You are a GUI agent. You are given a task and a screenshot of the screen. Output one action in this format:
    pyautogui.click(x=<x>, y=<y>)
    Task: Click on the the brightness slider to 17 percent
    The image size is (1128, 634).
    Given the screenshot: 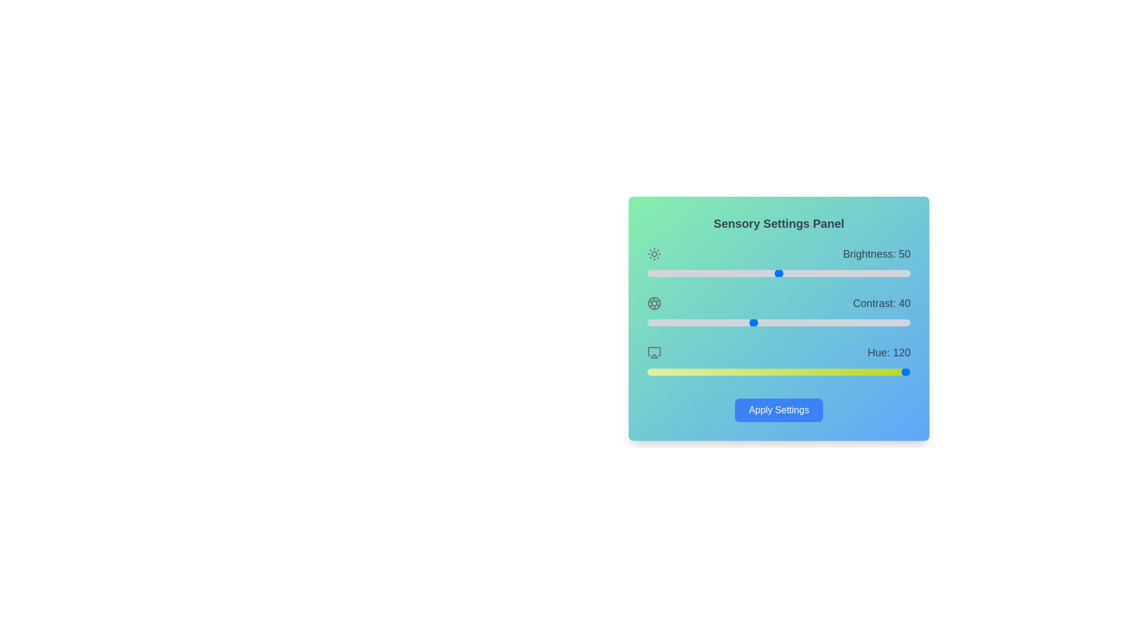 What is the action you would take?
    pyautogui.click(x=692, y=274)
    